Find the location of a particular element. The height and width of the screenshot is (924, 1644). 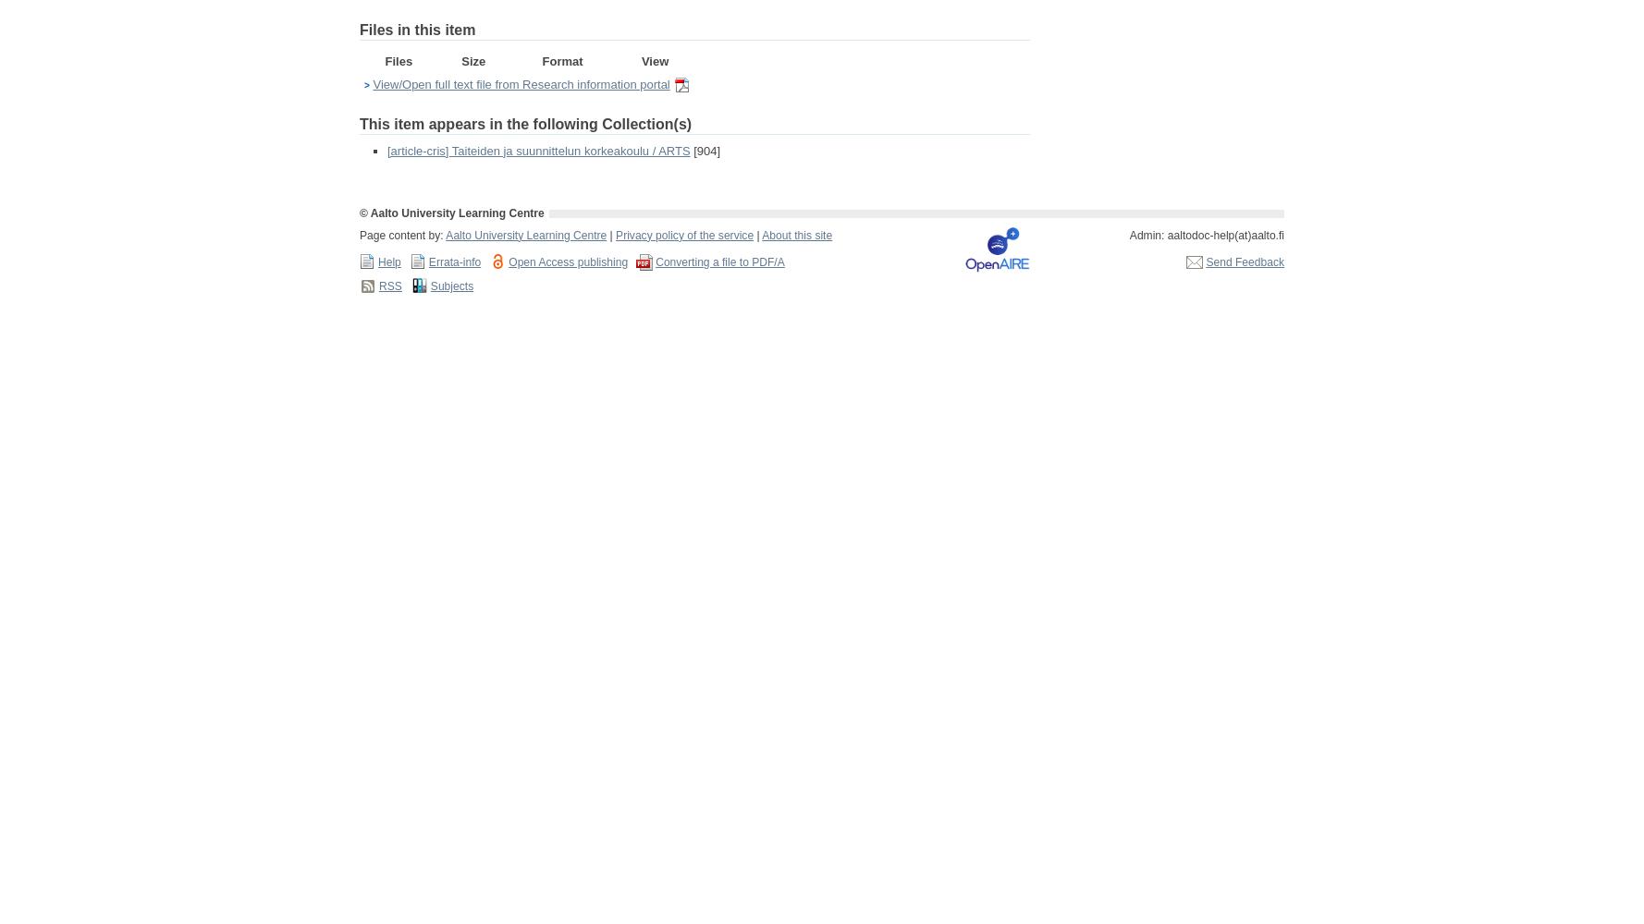

'Files' is located at coordinates (385, 59).